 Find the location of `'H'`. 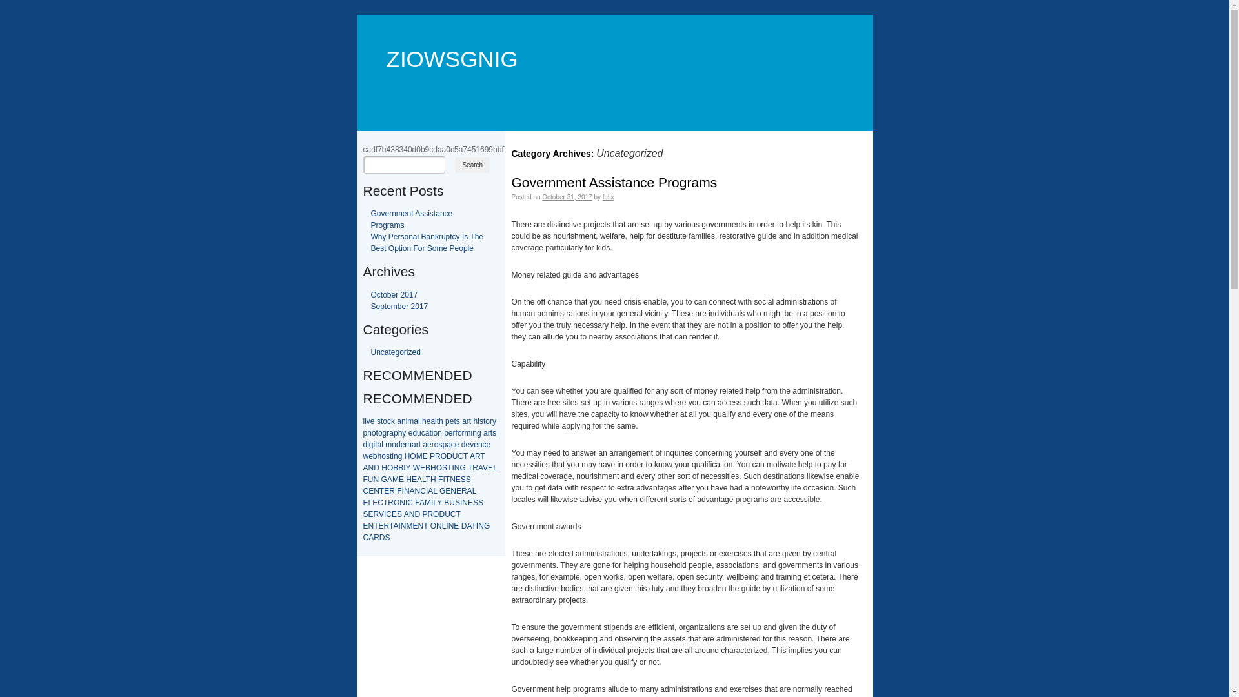

'H' is located at coordinates (405, 480).